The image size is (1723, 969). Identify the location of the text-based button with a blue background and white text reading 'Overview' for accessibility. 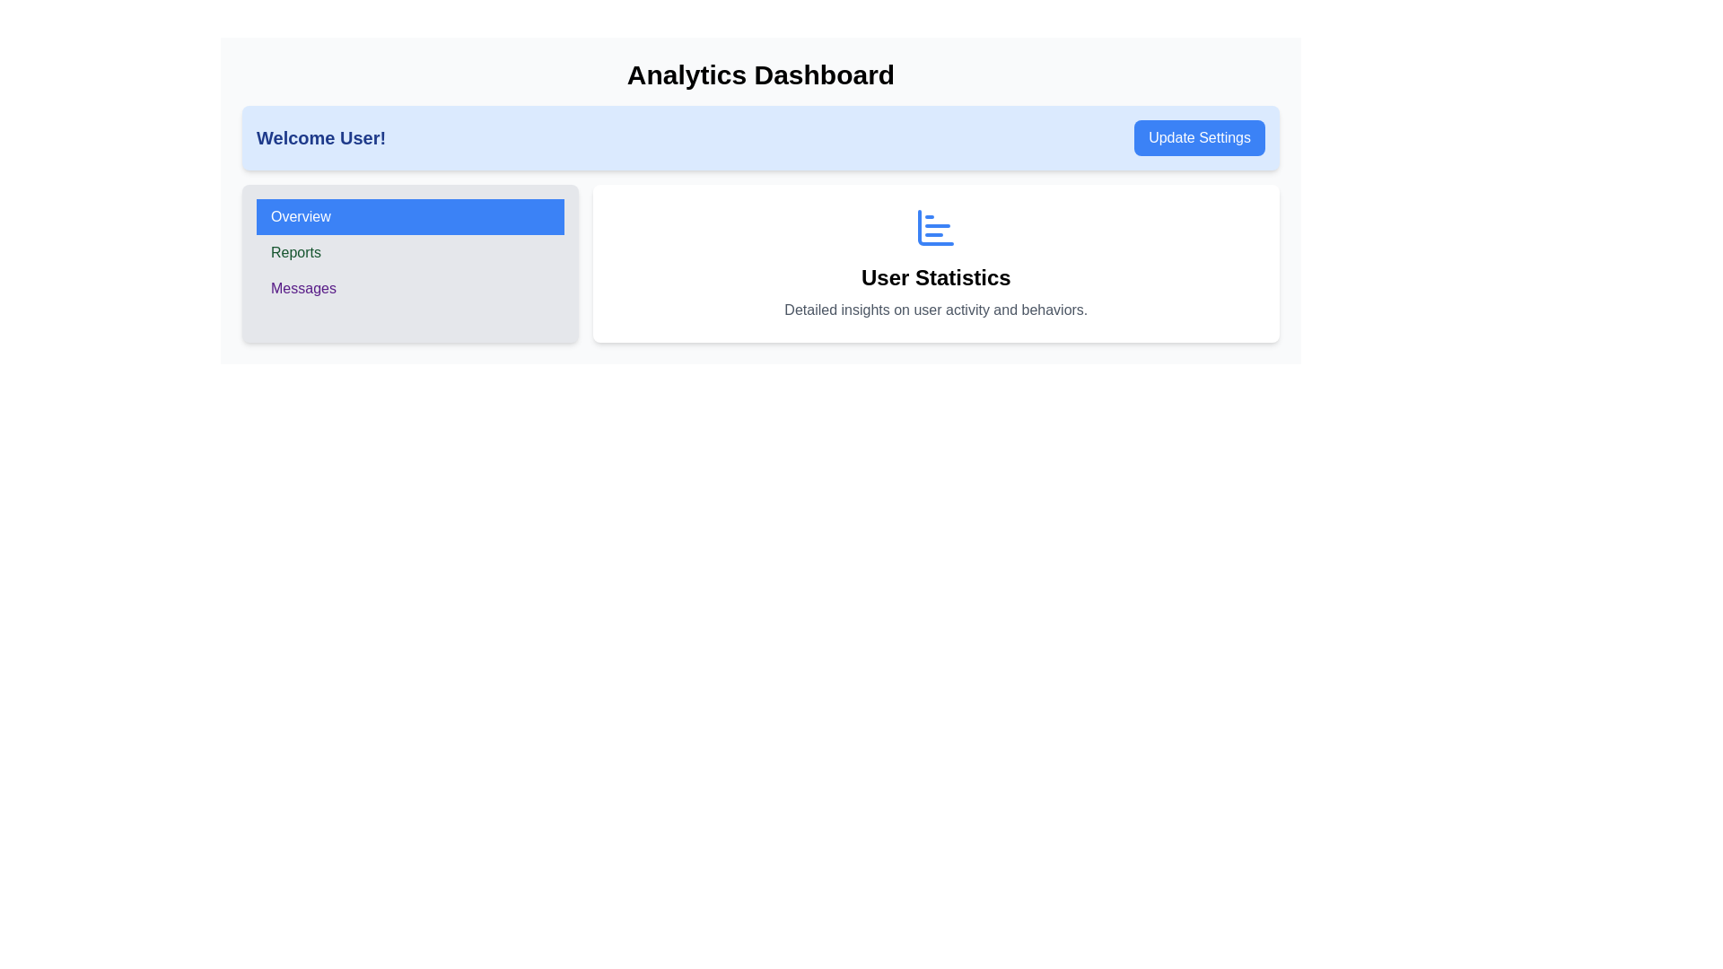
(409, 216).